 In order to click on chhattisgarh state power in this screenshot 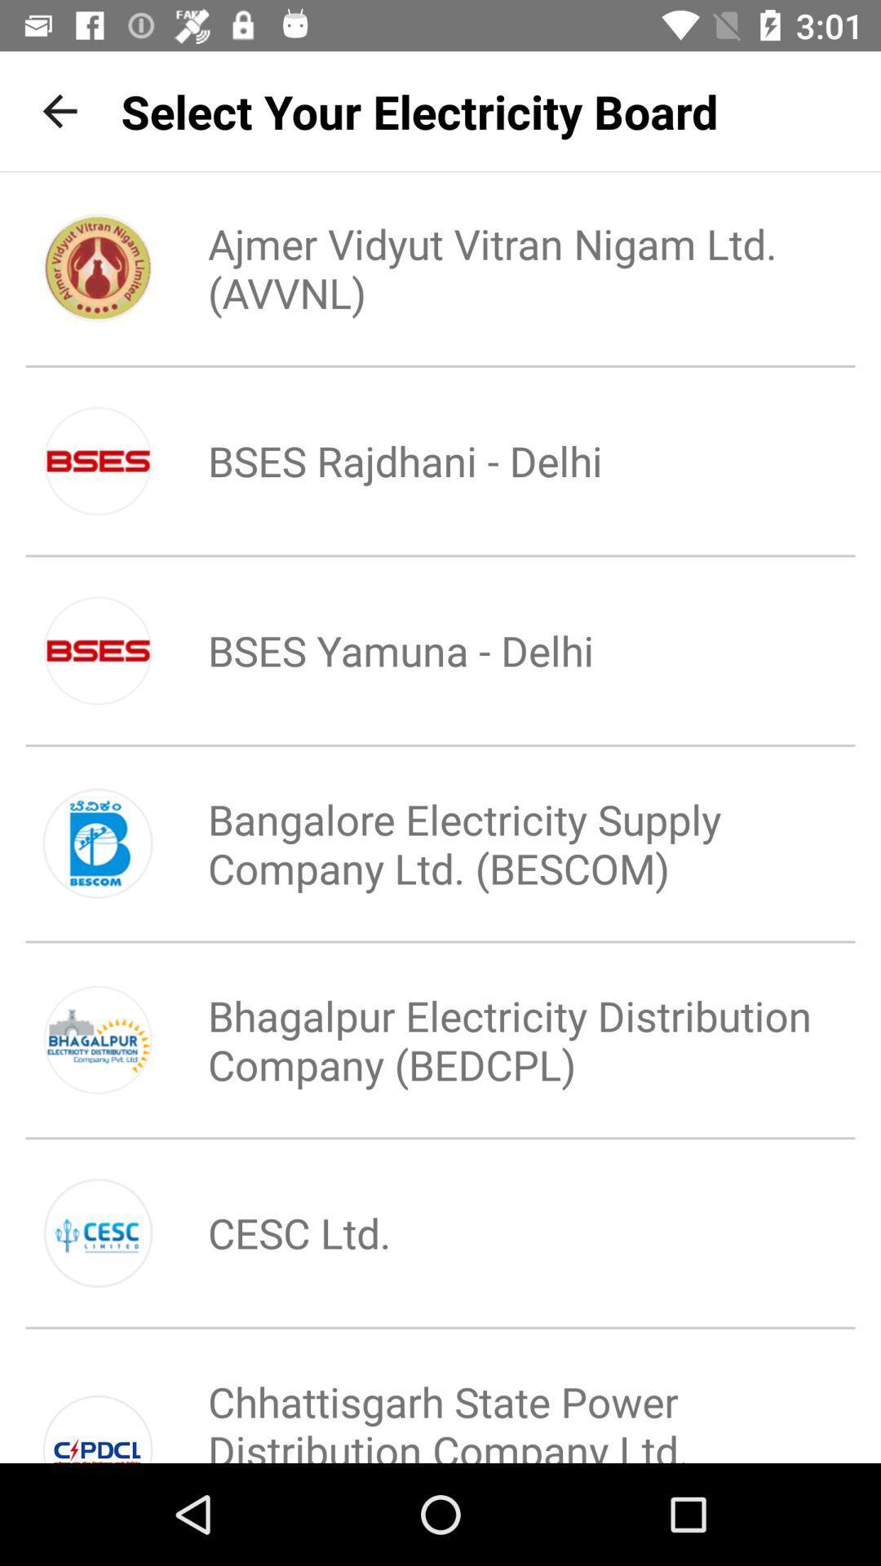, I will do `click(494, 1404)`.